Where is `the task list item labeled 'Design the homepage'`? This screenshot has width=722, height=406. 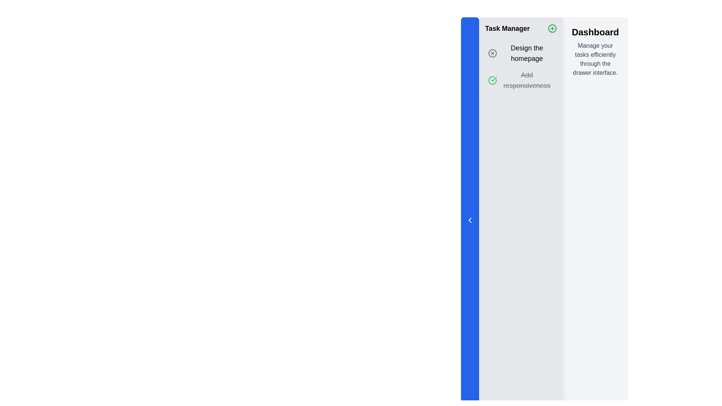 the task list item labeled 'Design the homepage' is located at coordinates (520, 53).